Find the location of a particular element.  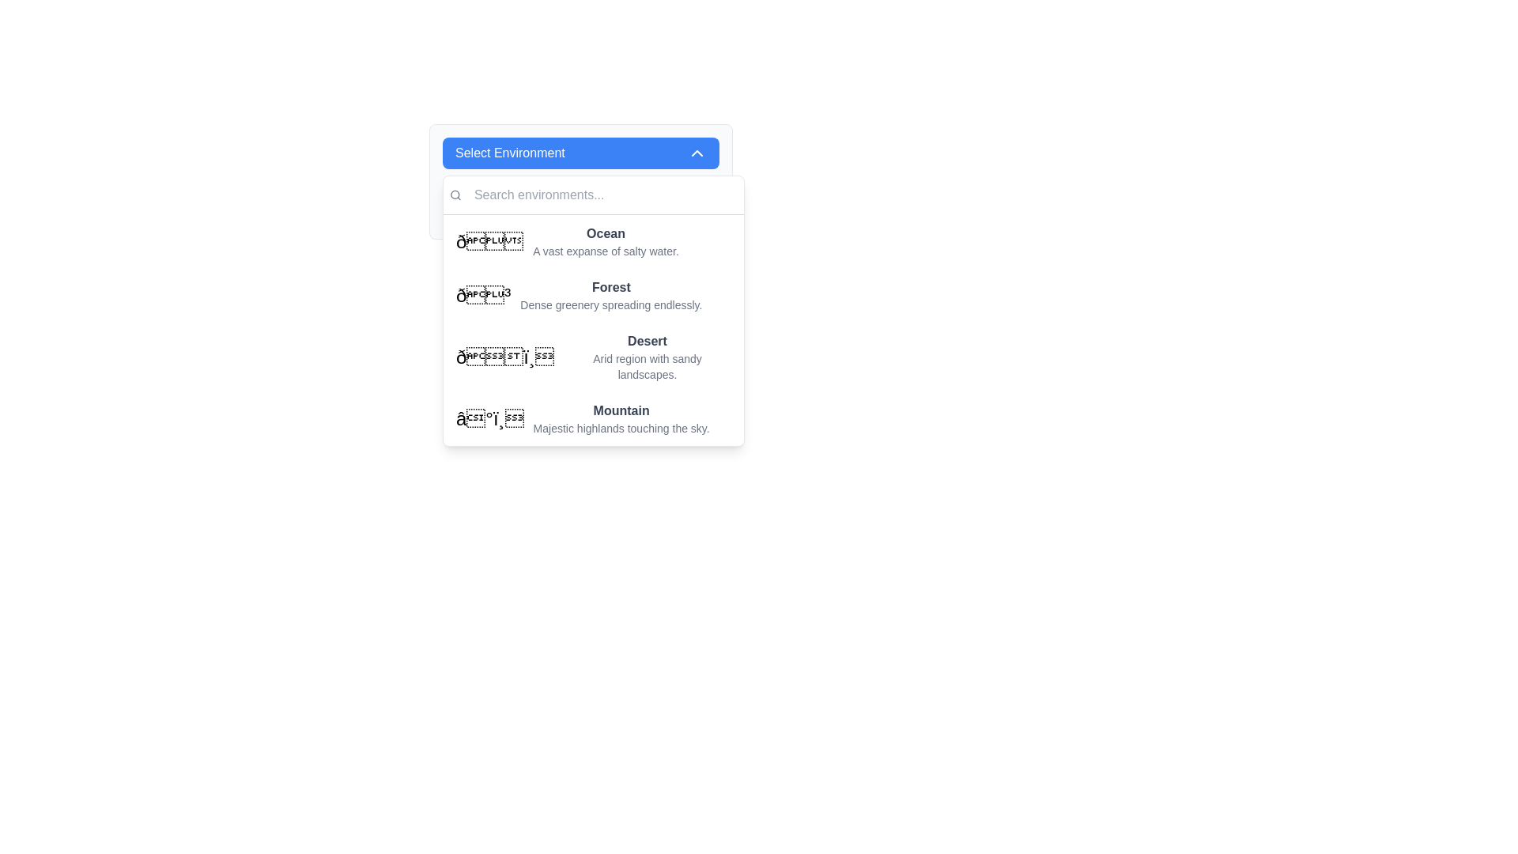

the Menu Item labeled 'Ocean' in the dropdown list is located at coordinates (592, 241).